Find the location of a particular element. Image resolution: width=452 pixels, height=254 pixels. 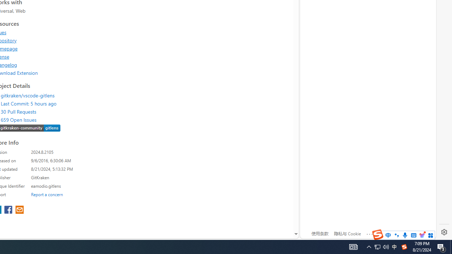

'Report a concern' is located at coordinates (47, 194).